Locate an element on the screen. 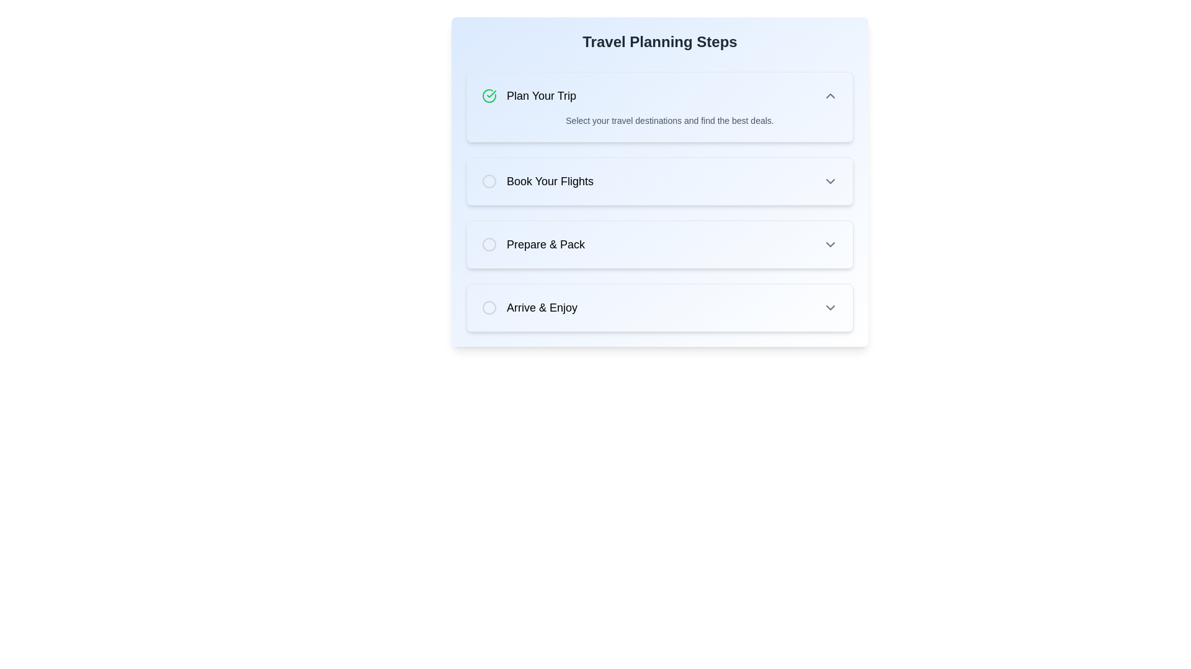 Image resolution: width=1191 pixels, height=669 pixels. the status indicator icon, which is a circular icon with a green outline and a checkmark in the center, located to the left of the 'Plan Your Trip' text in the first item of the travel planning steps is located at coordinates (488, 95).